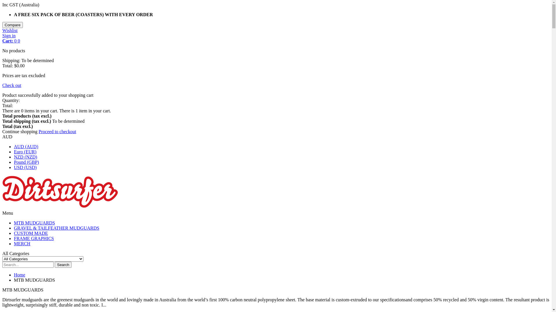 This screenshot has height=312, width=556. Describe the element at coordinates (33, 238) in the screenshot. I see `'FRAME GRAPHICS'` at that location.